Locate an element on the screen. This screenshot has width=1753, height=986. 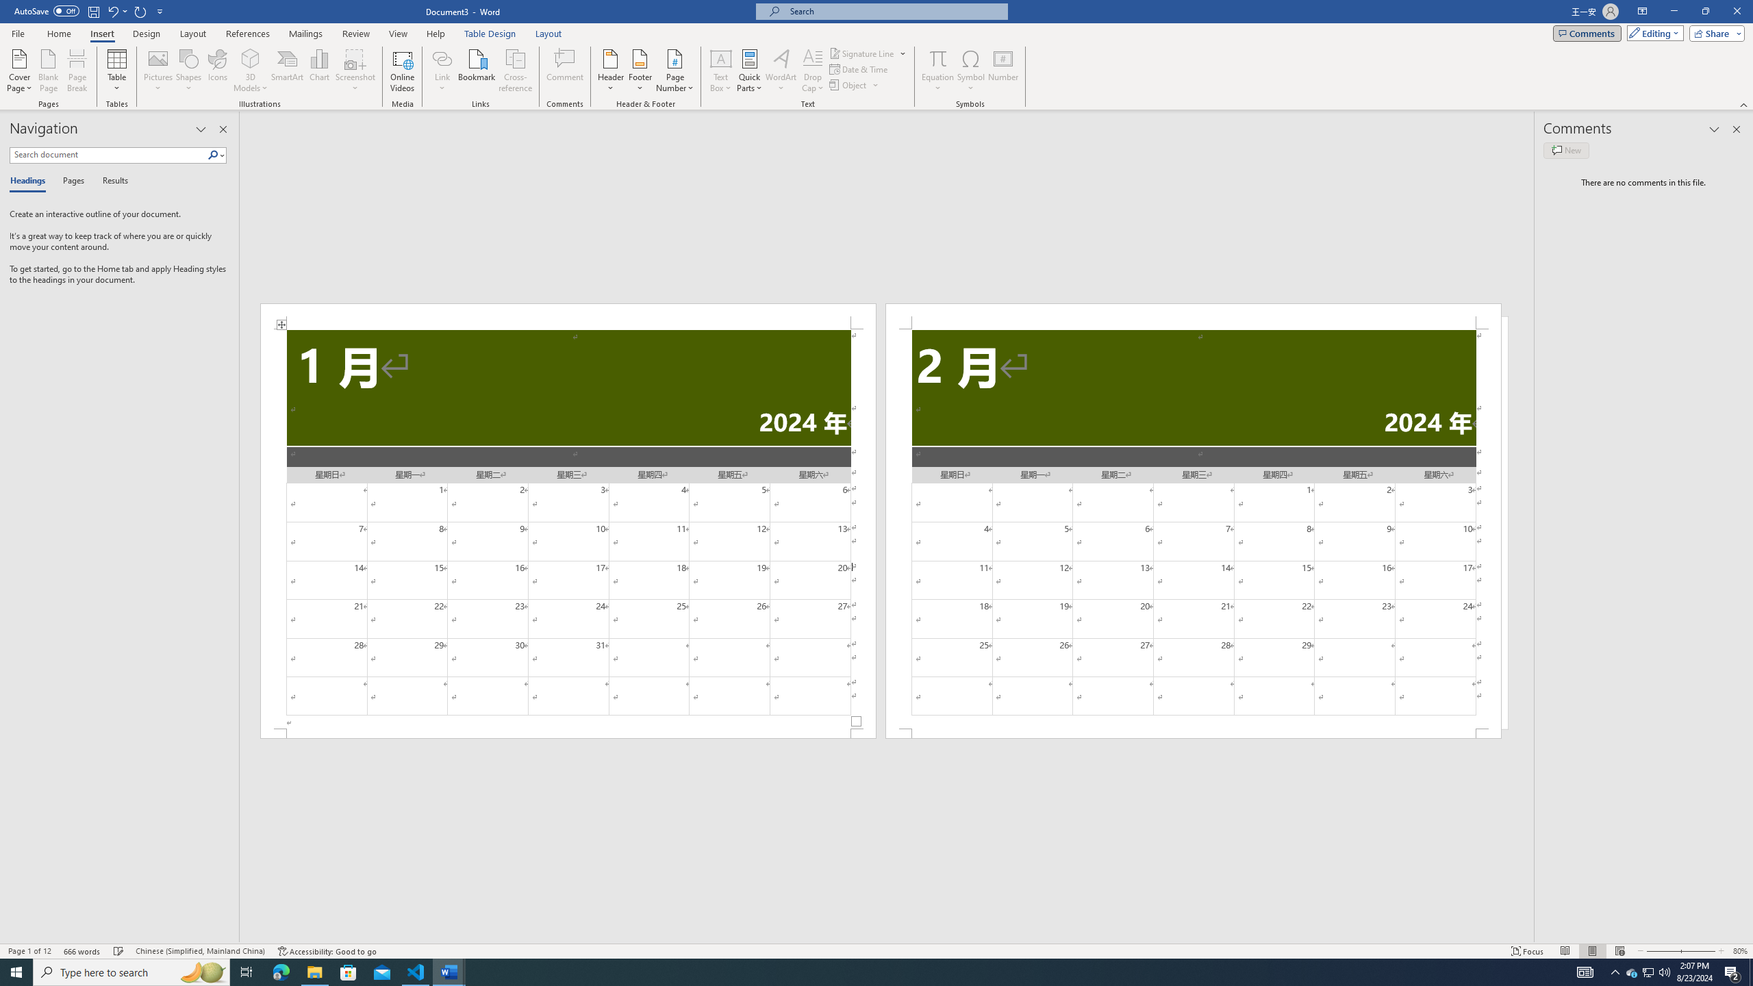
'Close' is located at coordinates (1736, 11).